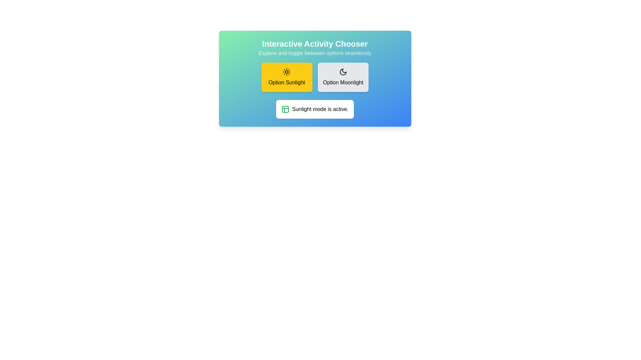 The width and height of the screenshot is (641, 360). I want to click on the button labeled 'Option Moonlight', which includes a crescent moon icon and is styled with a light gray background and rounded corners, located on the right side of the panel, so click(343, 82).